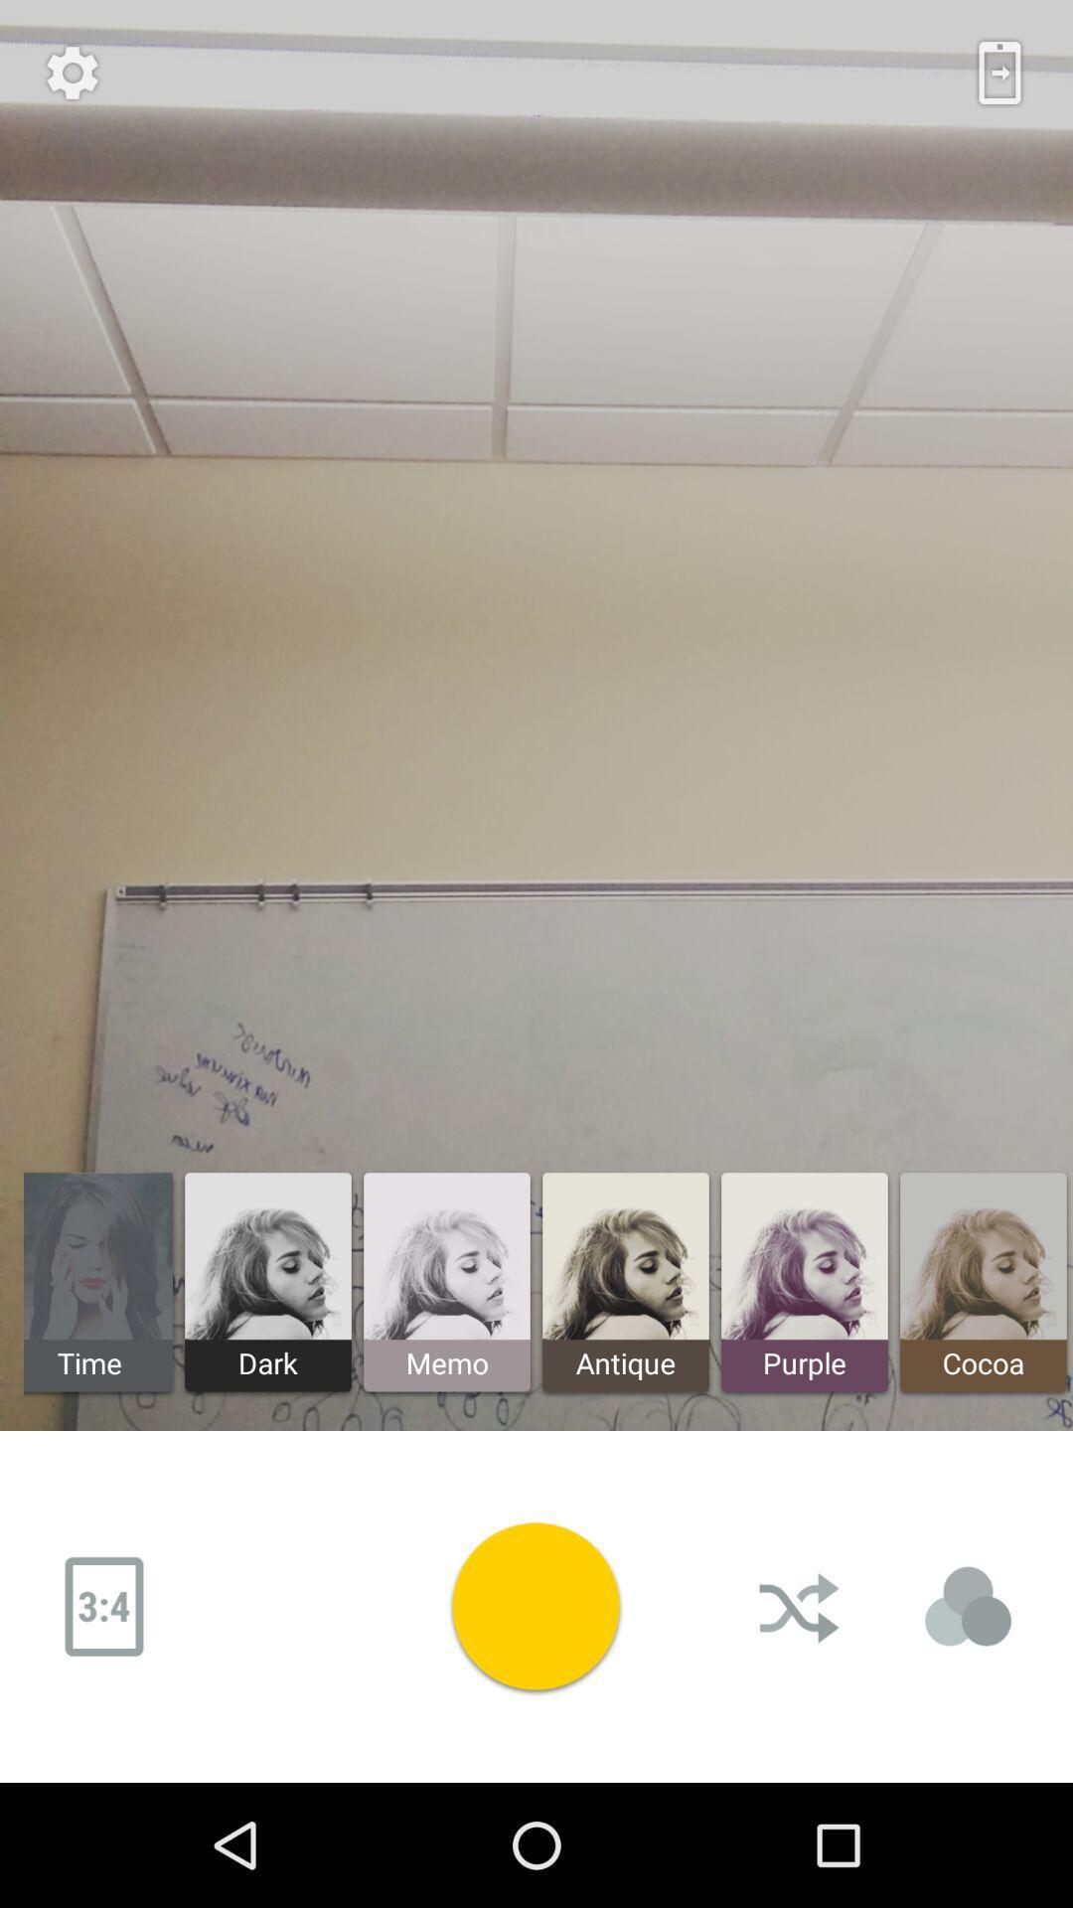  I want to click on the dark left to memo, so click(268, 1282).